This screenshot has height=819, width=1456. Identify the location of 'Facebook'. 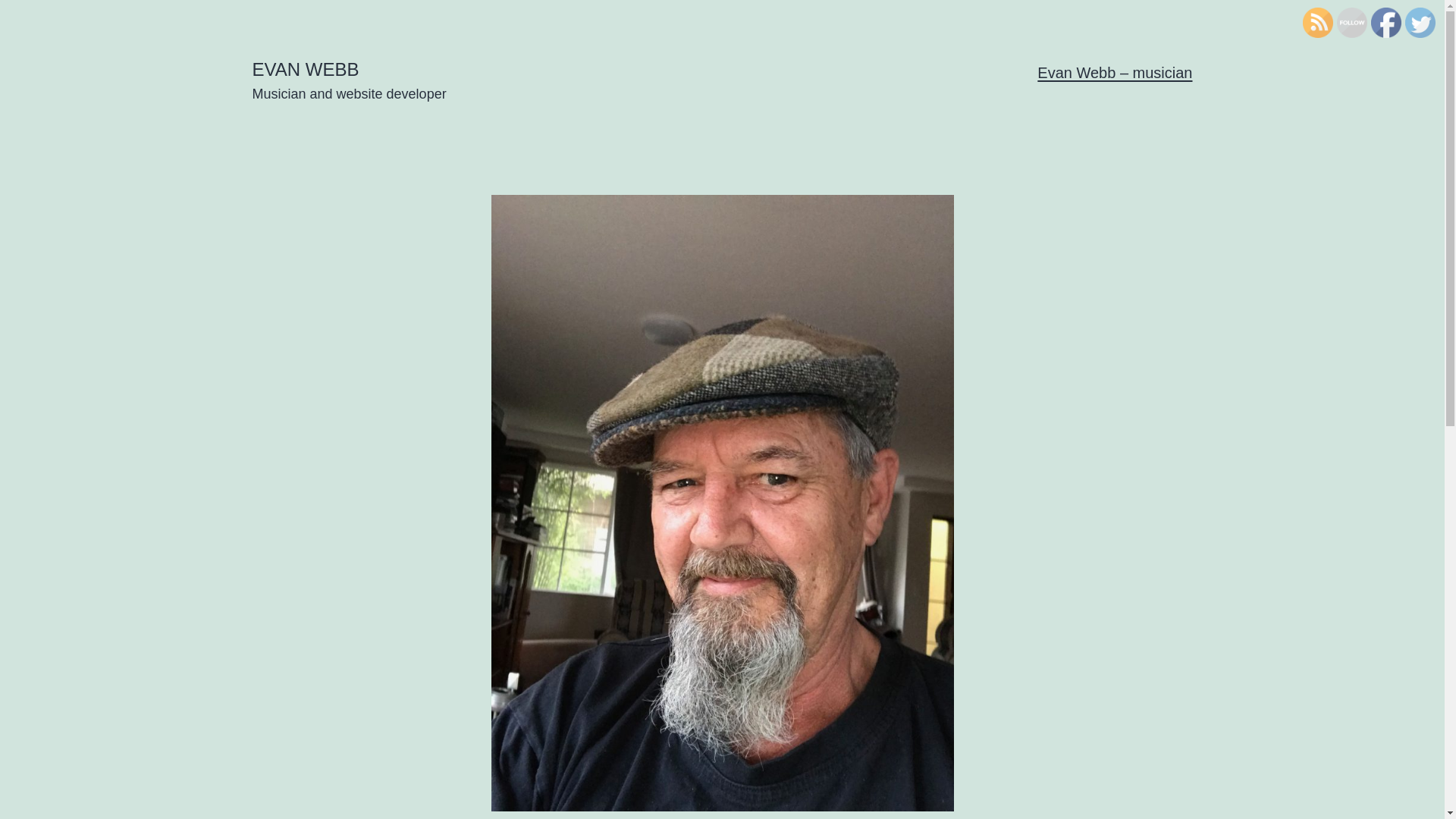
(1386, 23).